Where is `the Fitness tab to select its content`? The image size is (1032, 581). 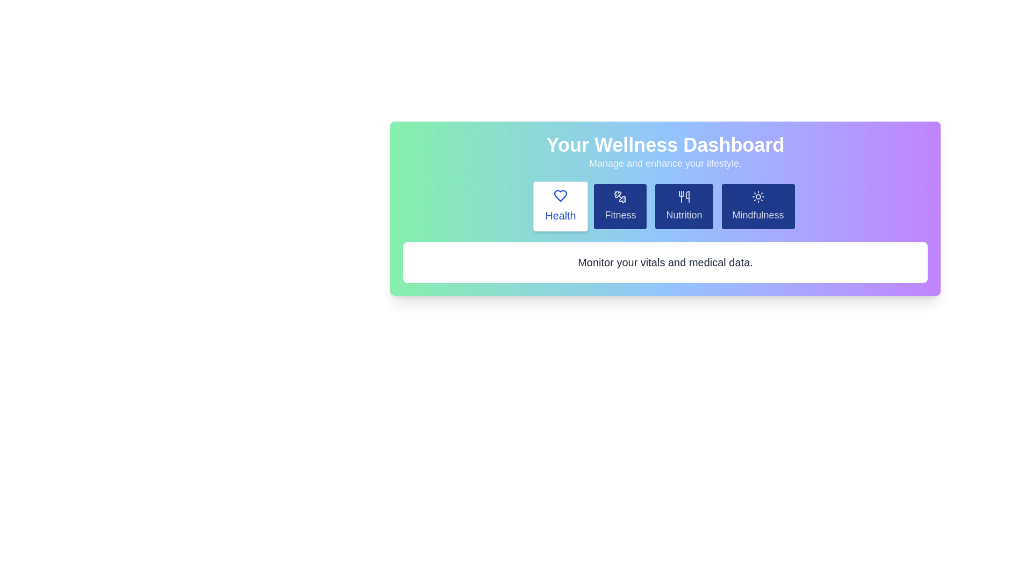
the Fitness tab to select its content is located at coordinates (620, 207).